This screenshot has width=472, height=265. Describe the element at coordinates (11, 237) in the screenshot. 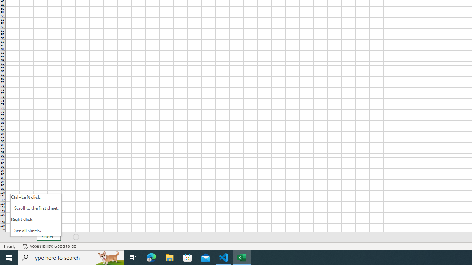

I see `'Scroll Left'` at that location.